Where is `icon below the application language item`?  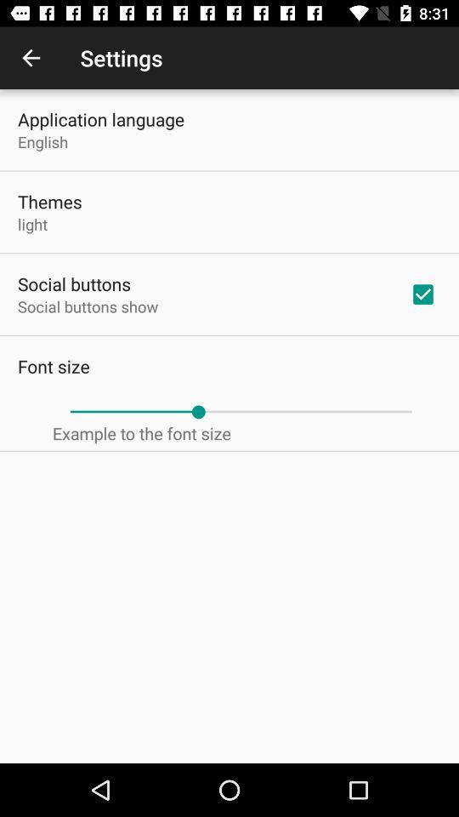
icon below the application language item is located at coordinates (42, 140).